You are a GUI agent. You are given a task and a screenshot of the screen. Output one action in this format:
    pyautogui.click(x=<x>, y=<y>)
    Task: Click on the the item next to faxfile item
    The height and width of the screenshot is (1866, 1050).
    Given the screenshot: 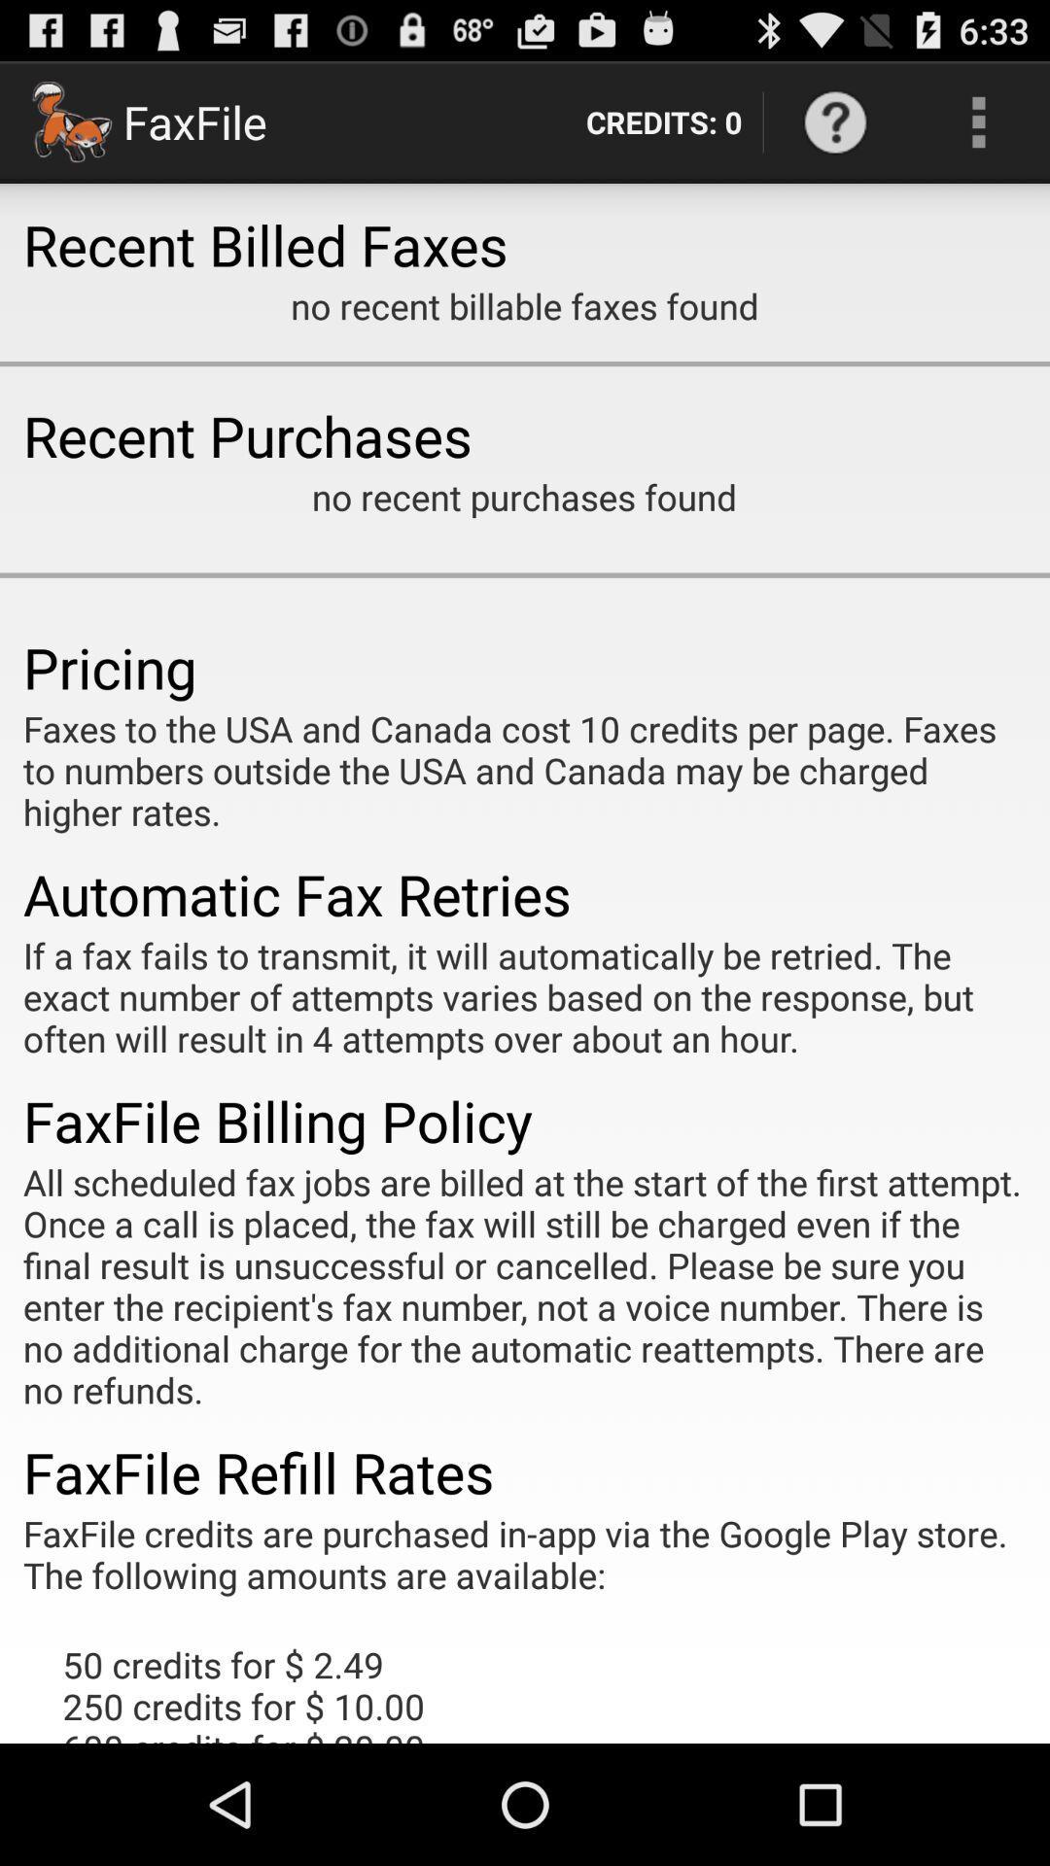 What is the action you would take?
    pyautogui.click(x=663, y=121)
    